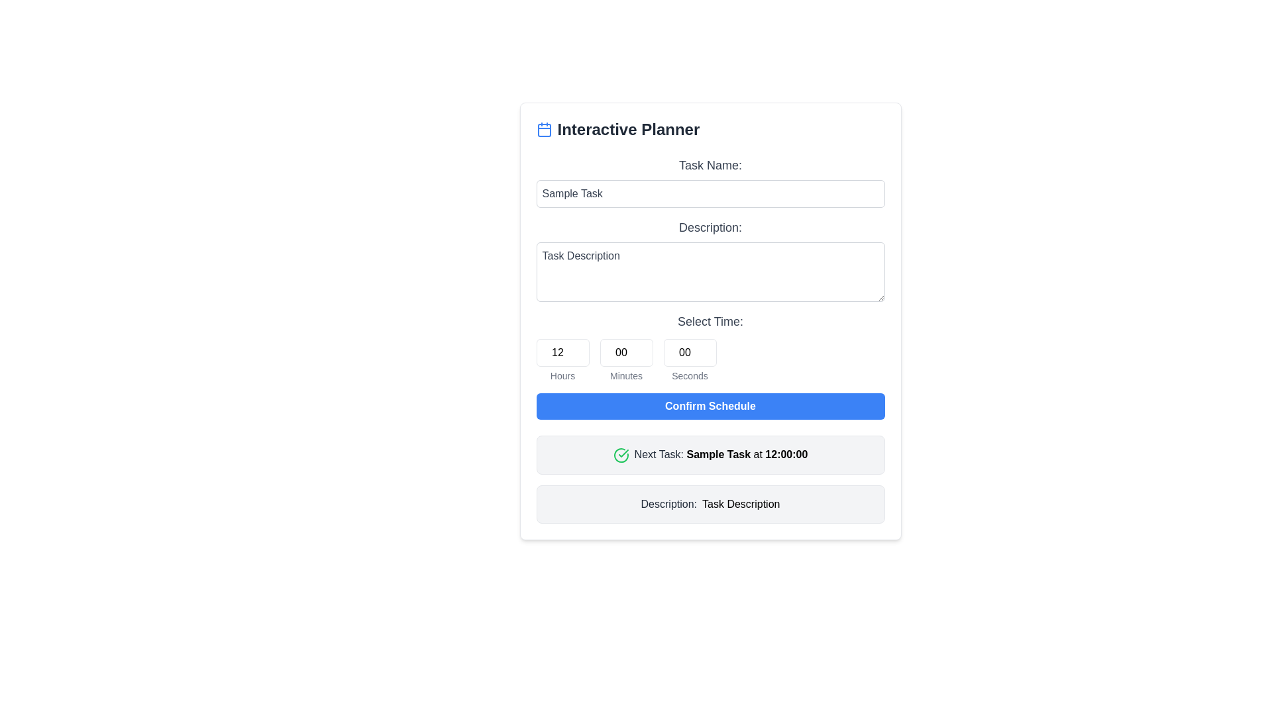 This screenshot has height=715, width=1272. What do you see at coordinates (689, 375) in the screenshot?
I see `the 'Seconds' text label, which is displayed in a medium-sized gray font and is positioned directly below the numeric input field for seconds` at bounding box center [689, 375].